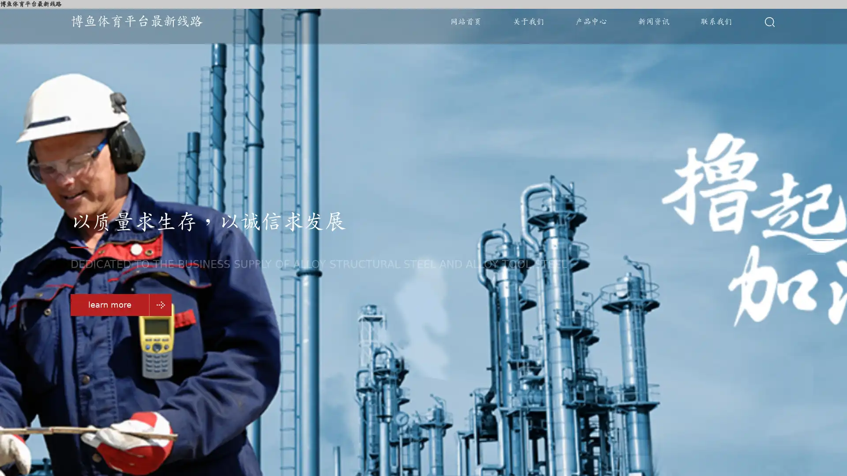 The width and height of the screenshot is (847, 476). Describe the element at coordinates (815, 246) in the screenshot. I see `Go to slide 2` at that location.